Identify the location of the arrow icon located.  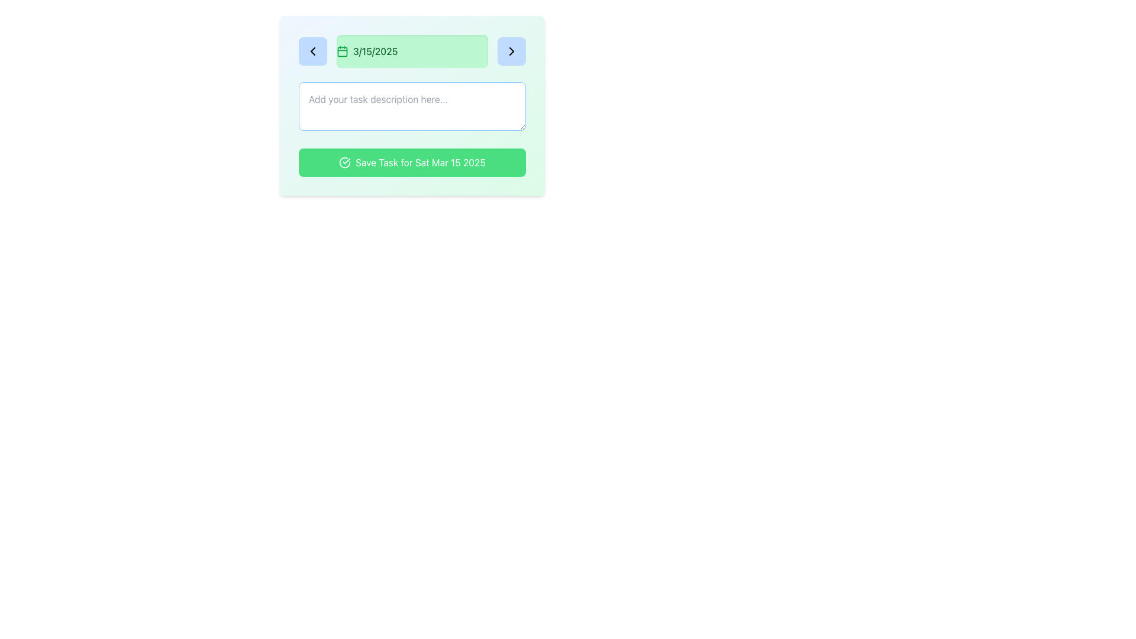
(511, 51).